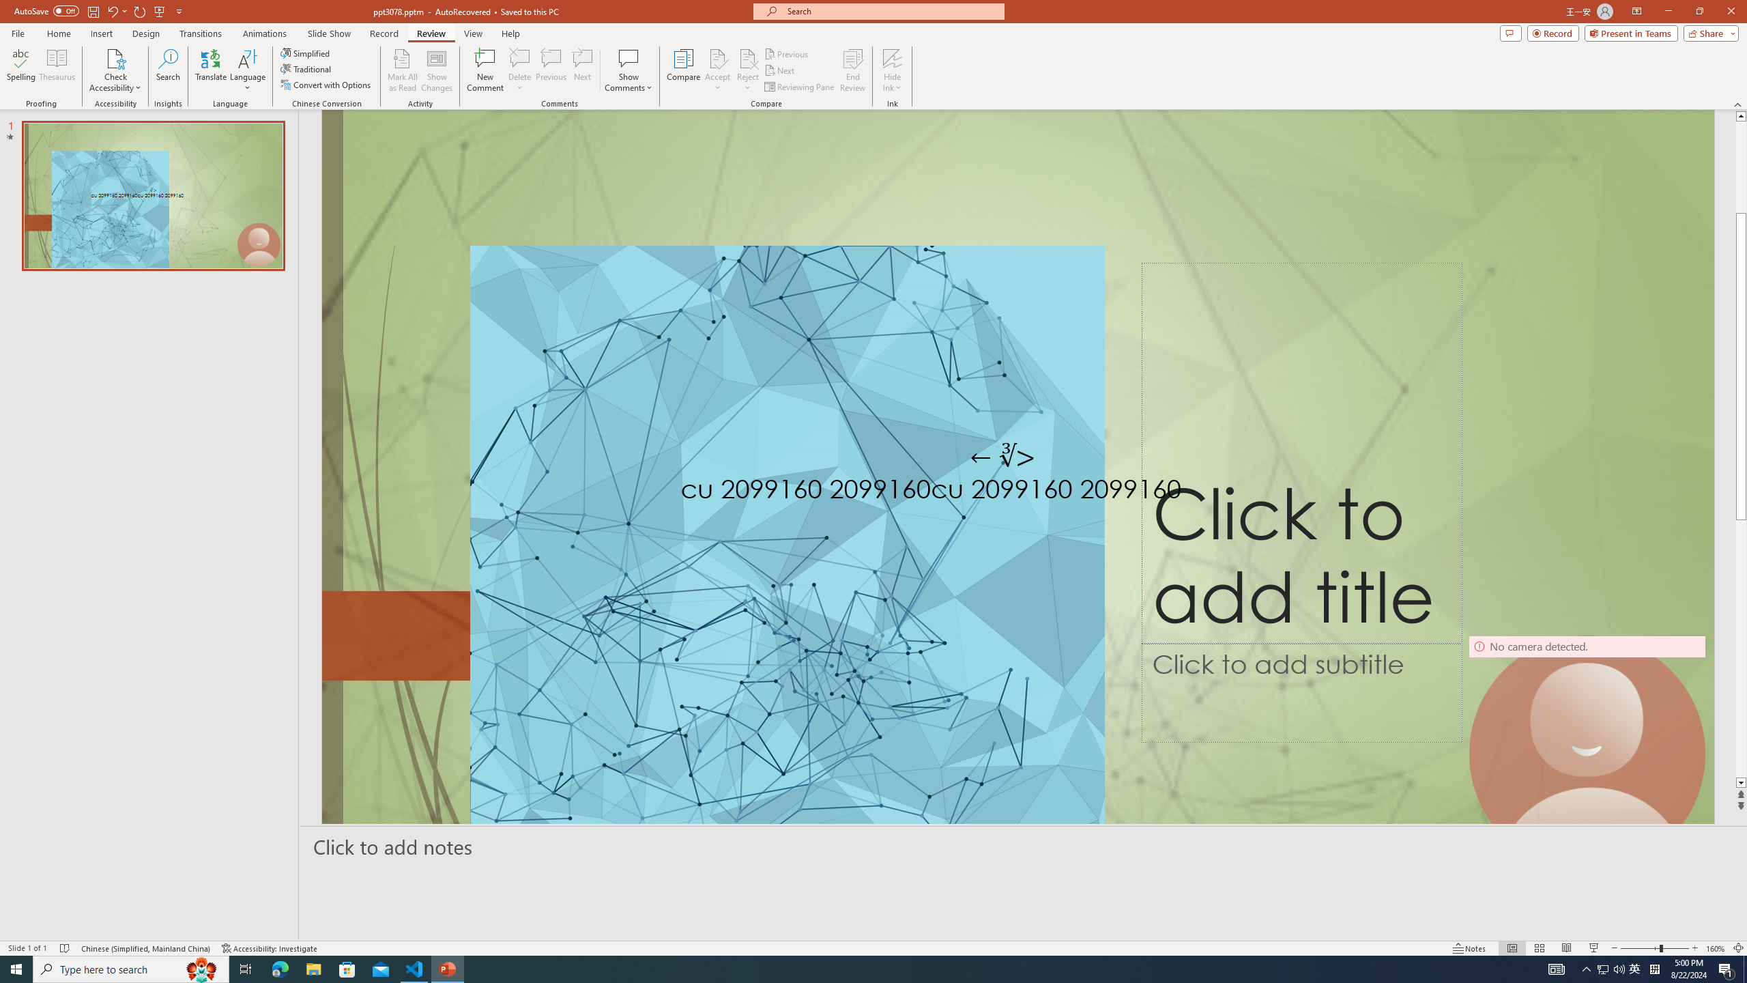 The height and width of the screenshot is (983, 1747). I want to click on 'Check Accessibility', so click(114, 70).